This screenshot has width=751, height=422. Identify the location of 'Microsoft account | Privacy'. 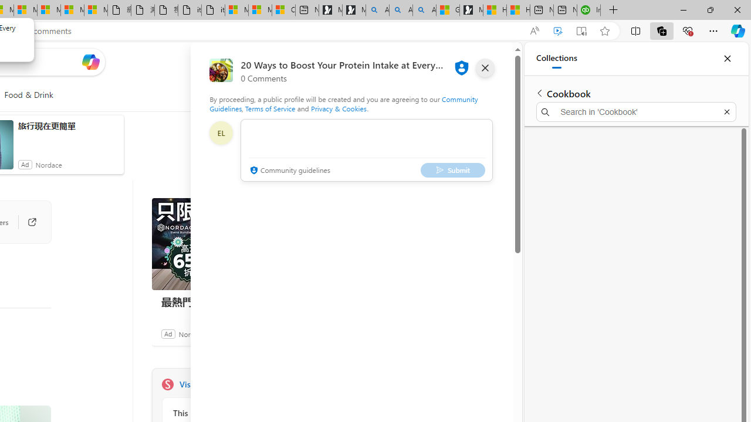
(259, 10).